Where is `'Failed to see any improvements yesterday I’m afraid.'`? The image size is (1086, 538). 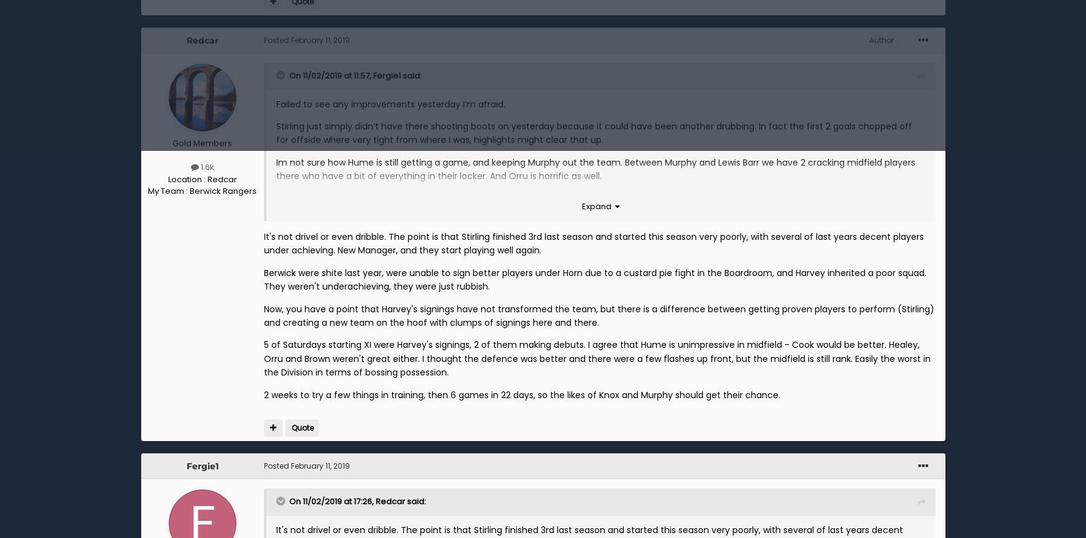 'Failed to see any improvements yesterday I’m afraid.' is located at coordinates (391, 103).